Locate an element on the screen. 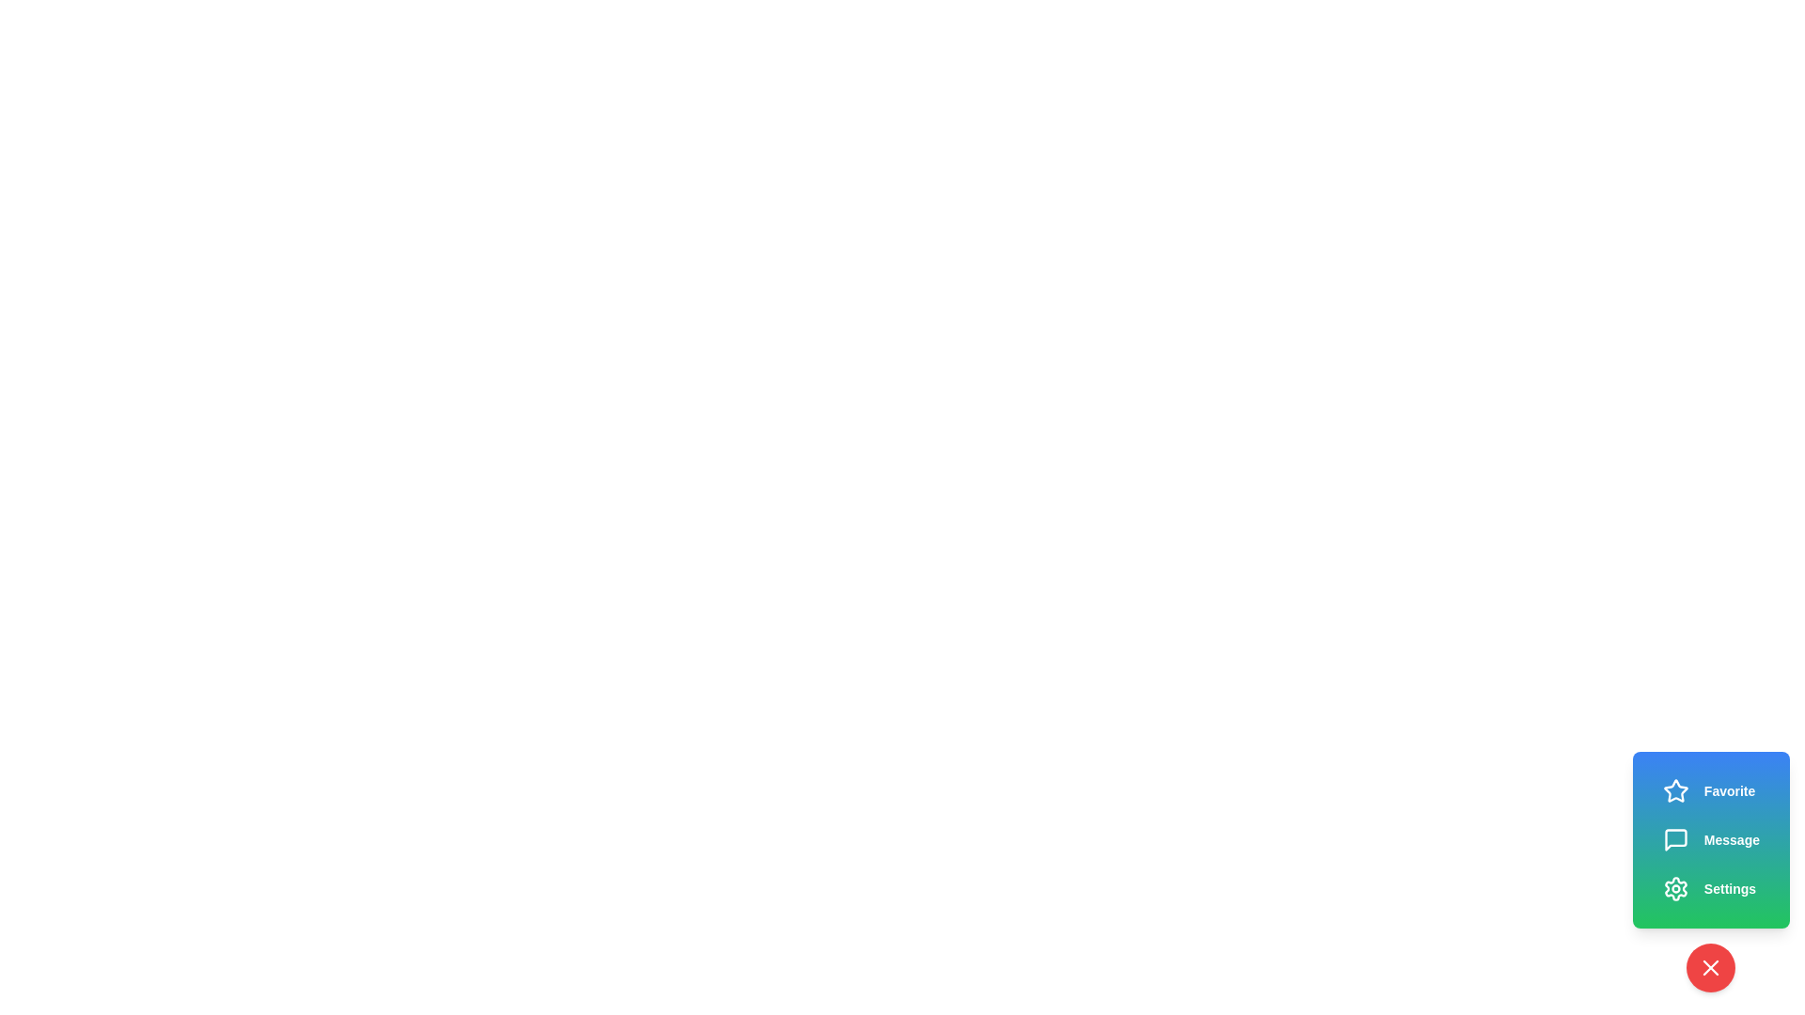 Image resolution: width=1805 pixels, height=1015 pixels. the 'Settings' button in the speed dial menu is located at coordinates (1709, 888).